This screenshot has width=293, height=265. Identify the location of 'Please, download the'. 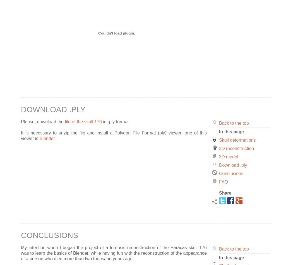
(43, 121).